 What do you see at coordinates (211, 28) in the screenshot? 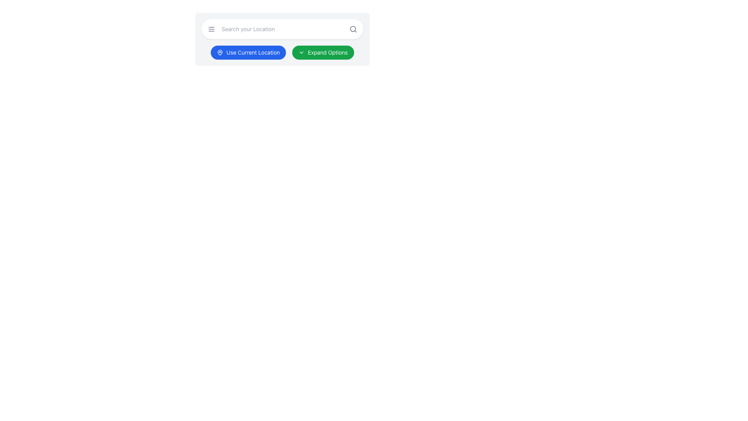
I see `the menu toggler button located at the far-left of the horizontal arrangement` at bounding box center [211, 28].